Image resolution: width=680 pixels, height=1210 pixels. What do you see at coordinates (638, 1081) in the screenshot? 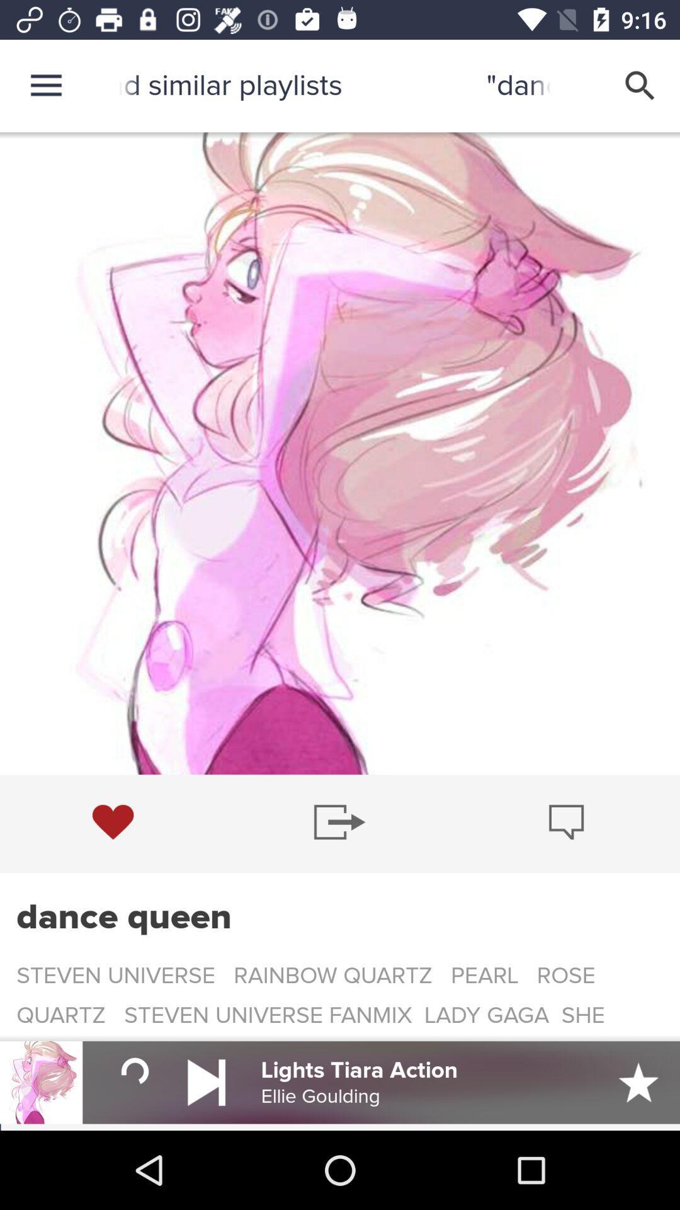
I see `the star icon` at bounding box center [638, 1081].